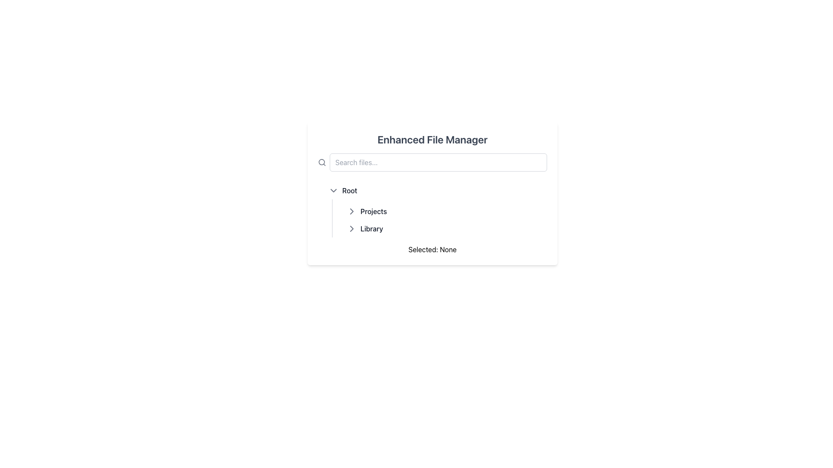 This screenshot has height=468, width=833. I want to click on the Chevron icon located to the left of the 'Projects' text, so click(352, 211).